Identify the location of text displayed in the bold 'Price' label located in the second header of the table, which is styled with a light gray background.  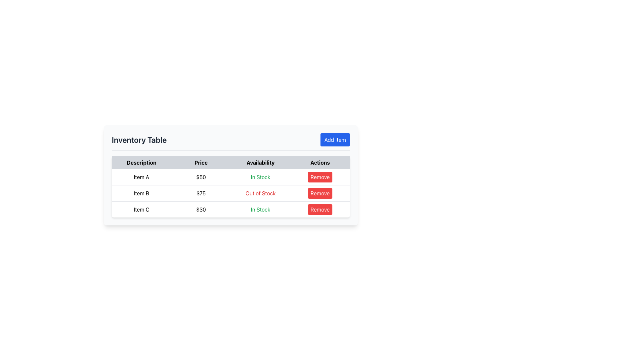
(201, 163).